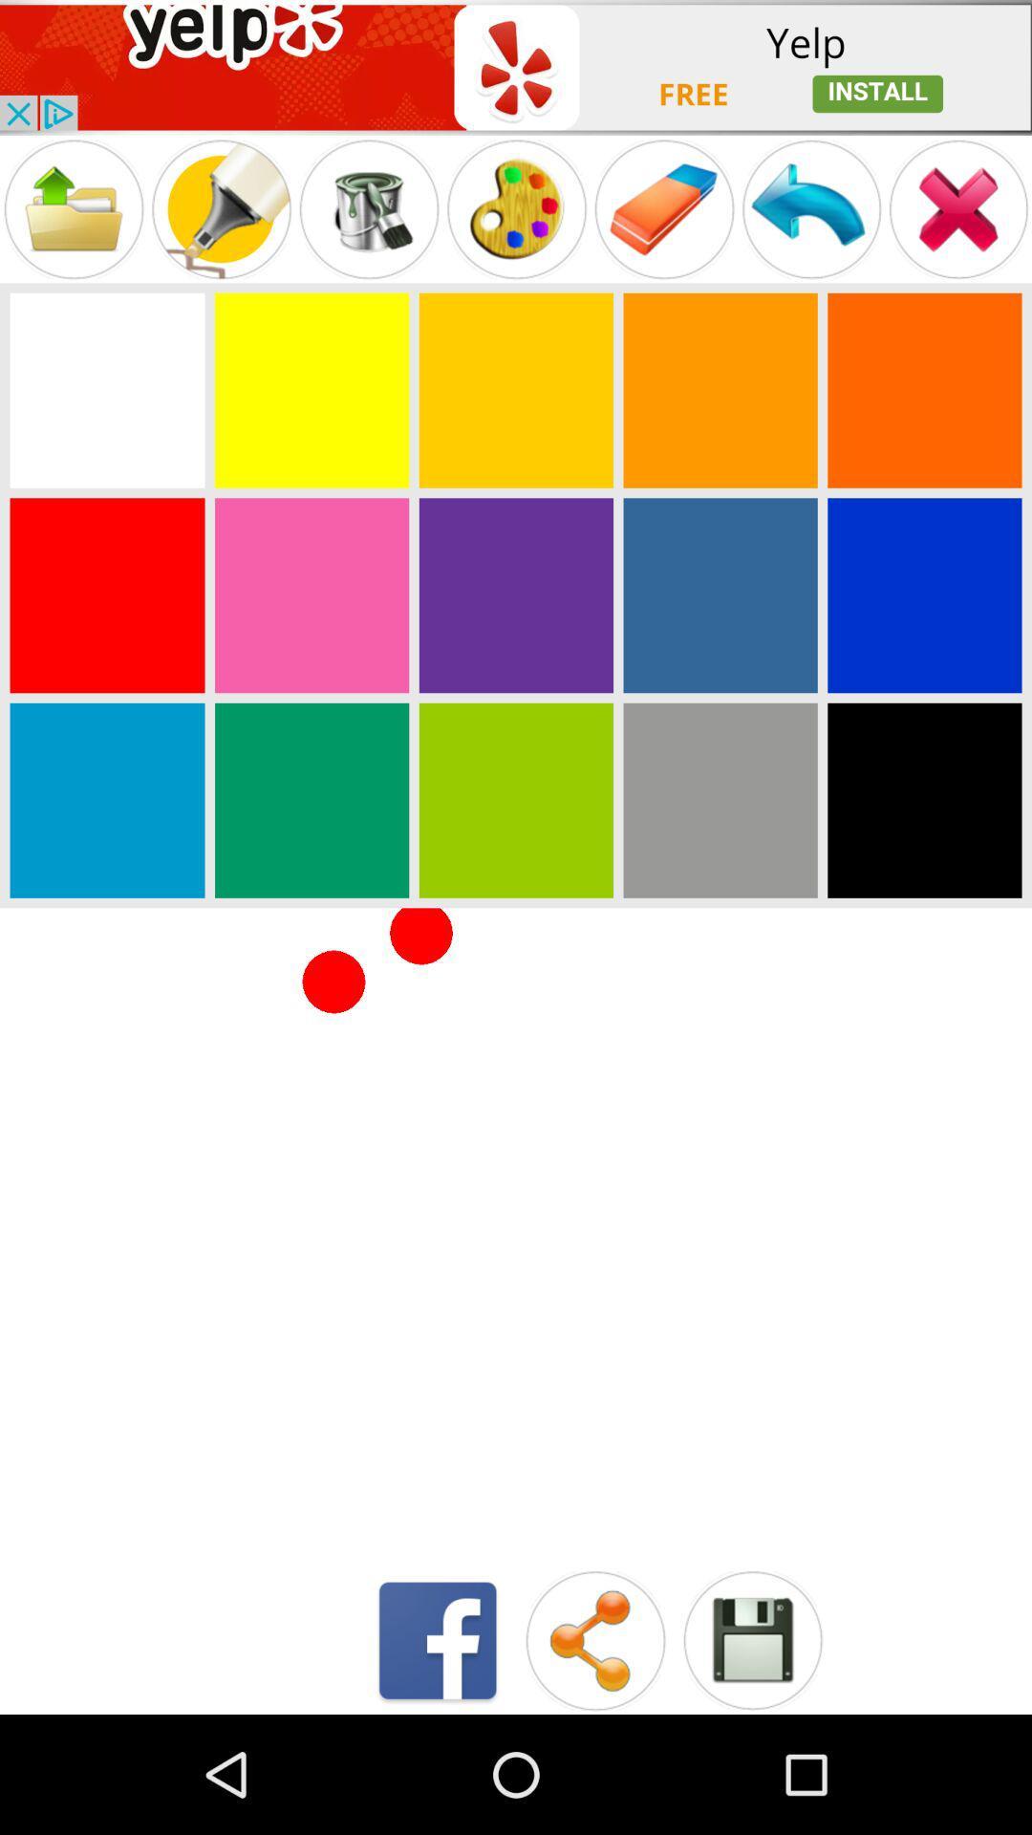 The height and width of the screenshot is (1835, 1032). Describe the element at coordinates (594, 1756) in the screenshot. I see `the share icon` at that location.